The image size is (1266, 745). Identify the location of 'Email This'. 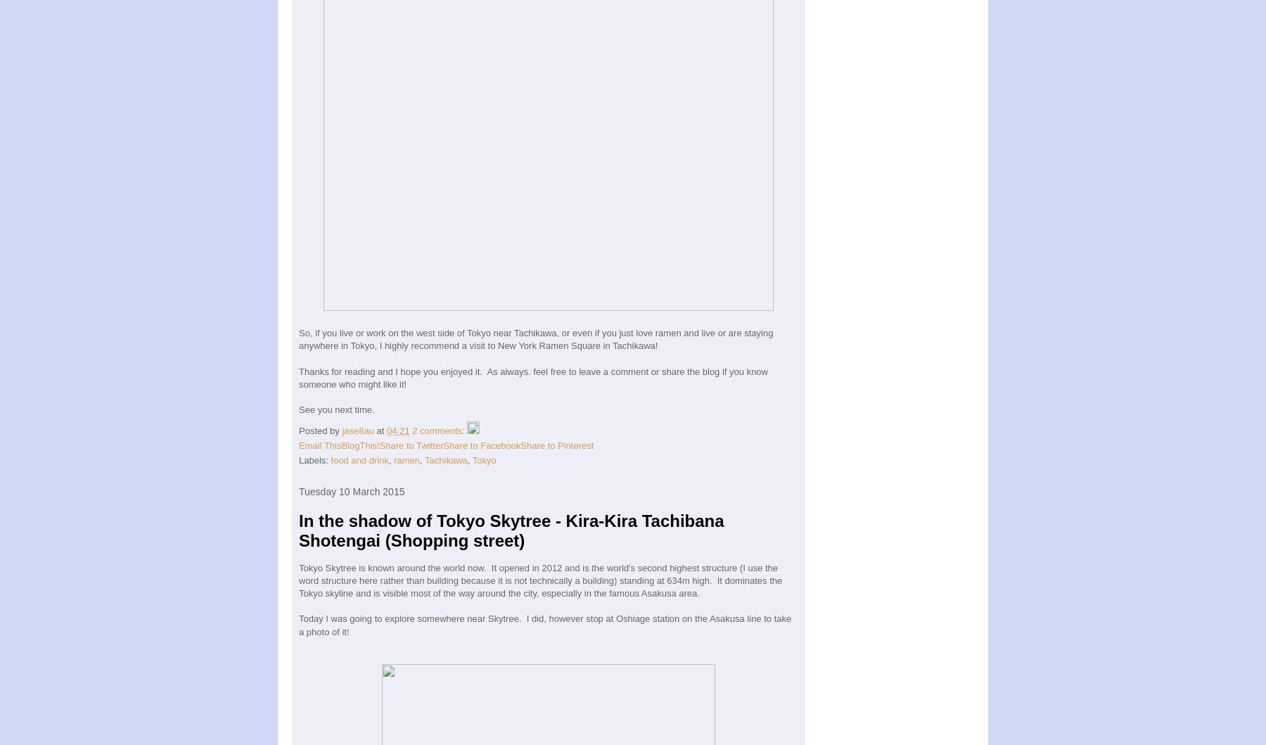
(319, 444).